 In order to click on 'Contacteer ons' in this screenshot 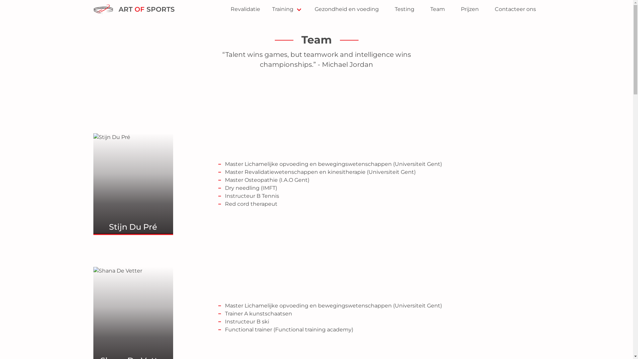, I will do `click(515, 9)`.